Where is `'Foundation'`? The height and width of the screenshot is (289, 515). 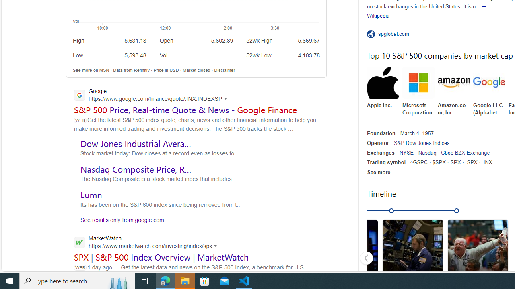
'Foundation' is located at coordinates (381, 133).